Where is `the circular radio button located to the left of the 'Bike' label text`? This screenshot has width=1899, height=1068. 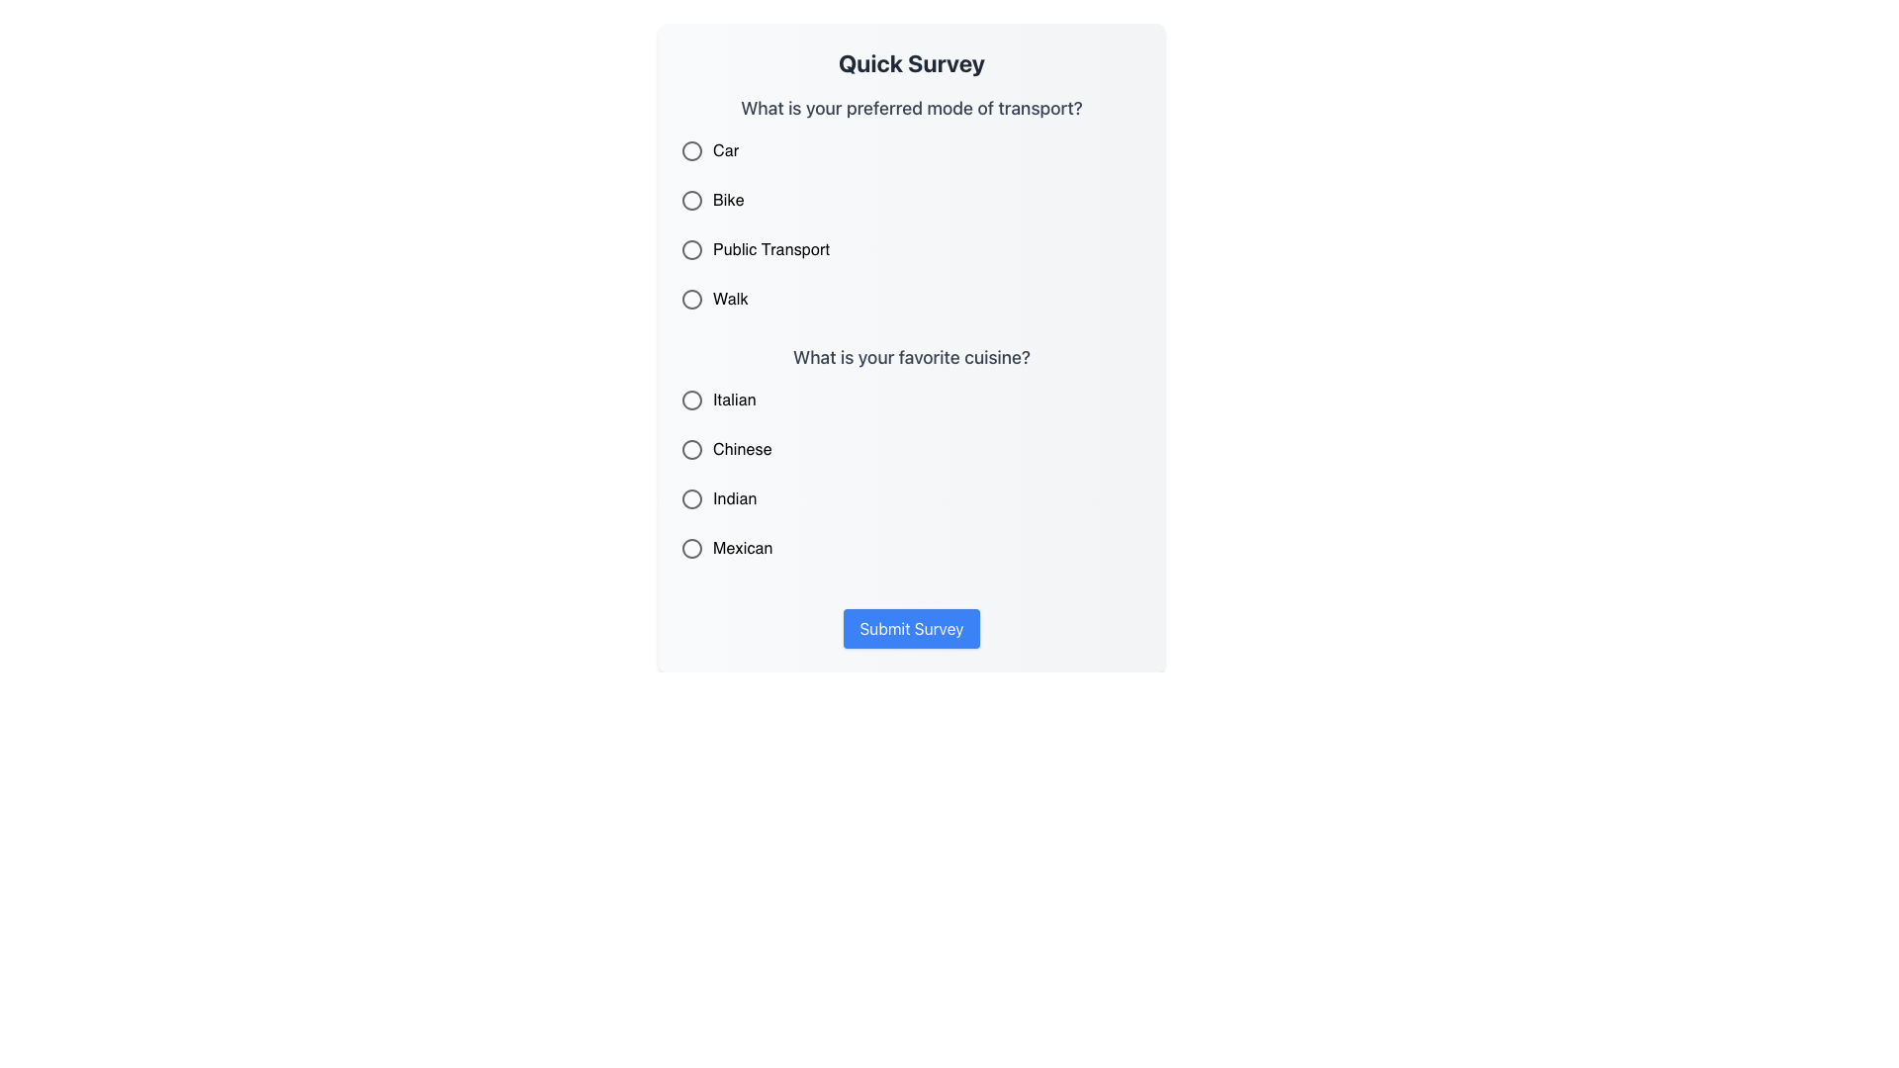 the circular radio button located to the left of the 'Bike' label text is located at coordinates (692, 201).